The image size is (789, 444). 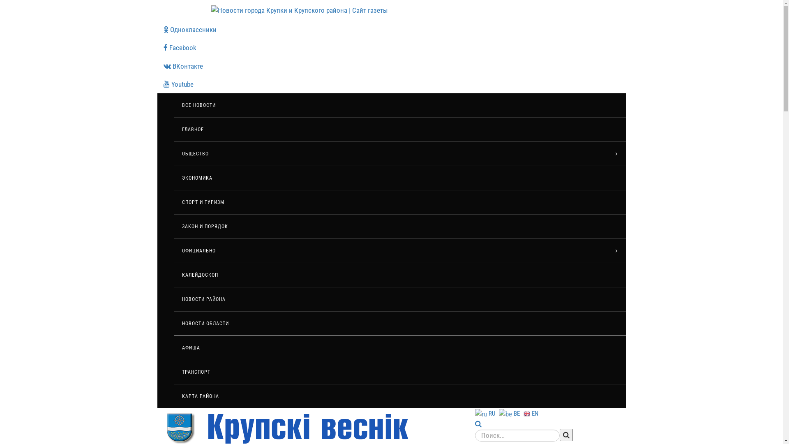 I want to click on 'BE', so click(x=510, y=413).